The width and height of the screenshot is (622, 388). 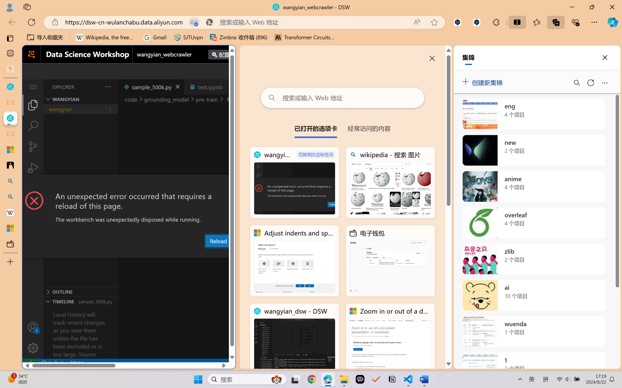 What do you see at coordinates (106, 37) in the screenshot?
I see `'Wikipedia, the free encyclopedia'` at bounding box center [106, 37].